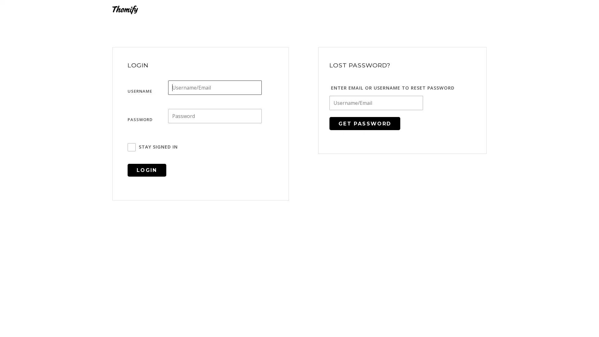 The image size is (599, 337). Describe the element at coordinates (365, 123) in the screenshot. I see `Get Password` at that location.